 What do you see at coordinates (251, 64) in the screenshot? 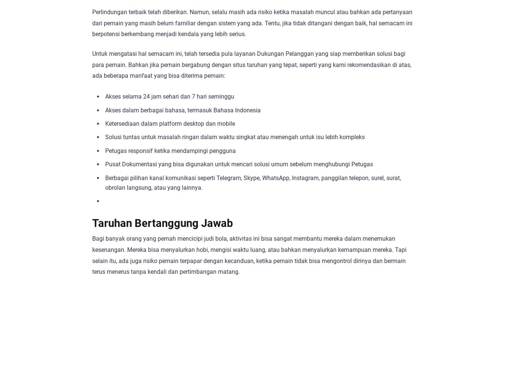
I see `'Untuk mengatasi hal semacam ini, telah tersedia pula layanan Dukungan Pelanggan yang siap memberikan solusi bagi para pemain. Bahkan jika pemain bergabung dengan situs taruhan yang tepat, seperti yang kami rekomendasikan di atas, ada beberapa manfaat yang bisa diterima pemain:'` at bounding box center [251, 64].